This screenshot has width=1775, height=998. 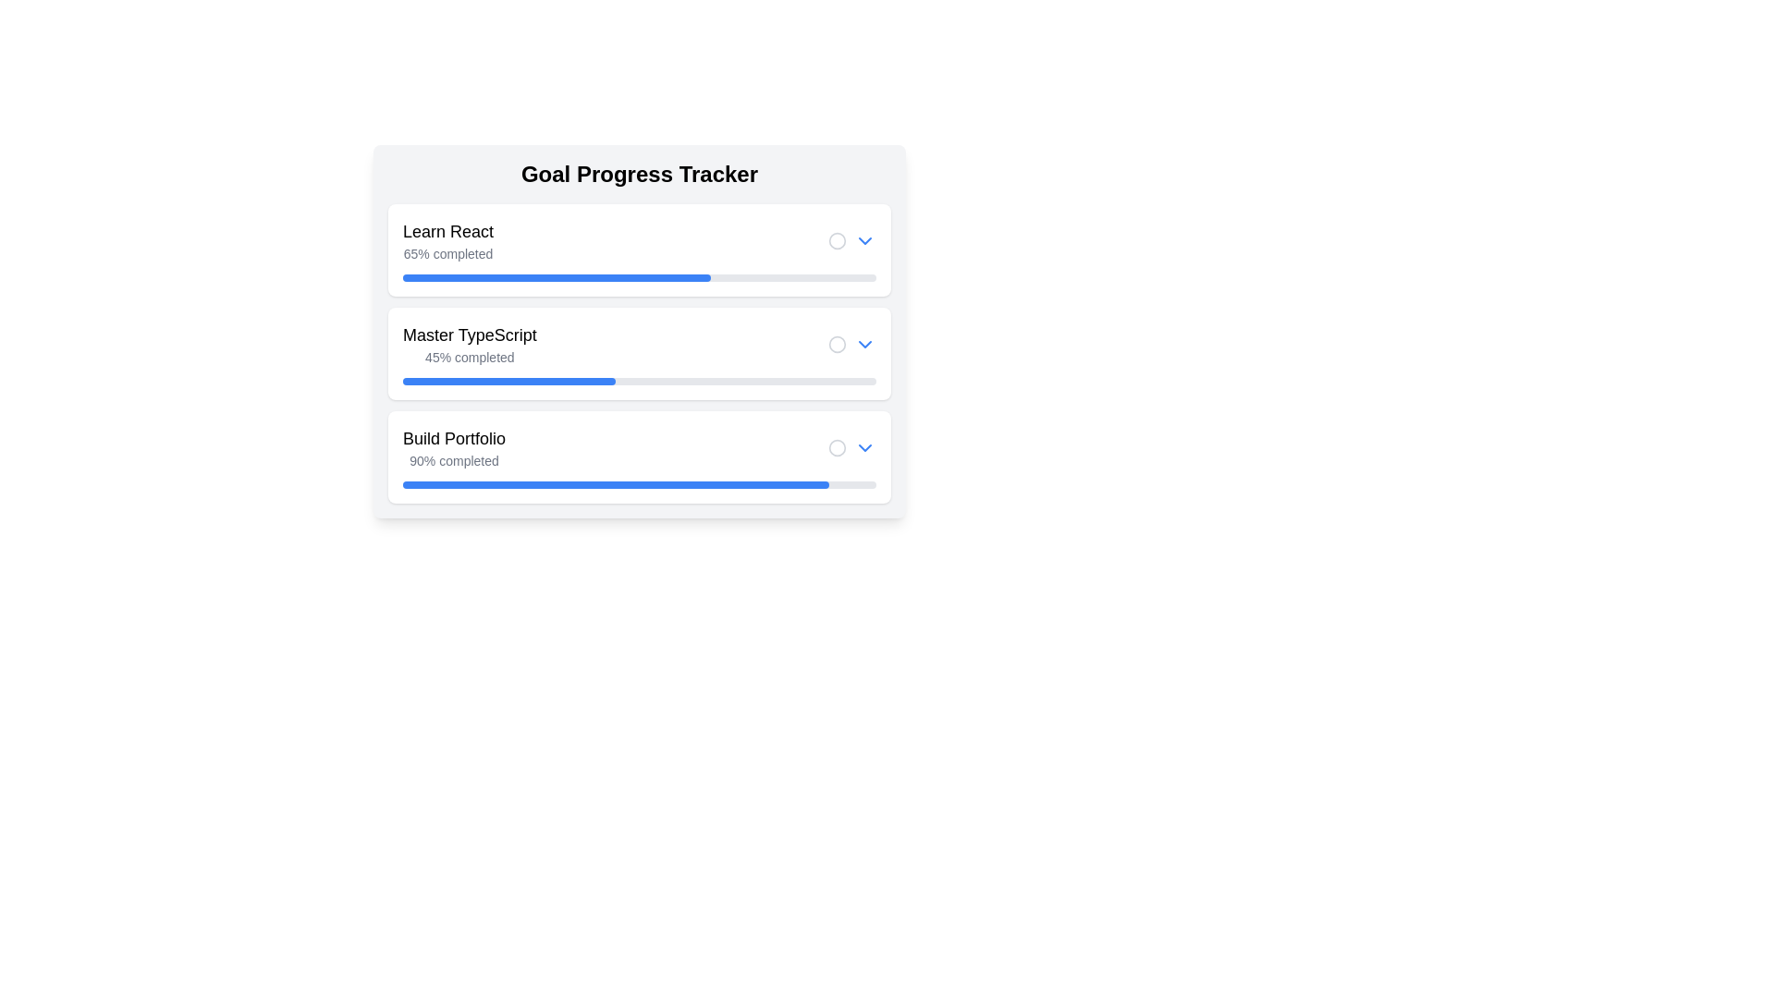 I want to click on the progress text label indicating that 90% of the task 'Build Portfolio' is completed, located below the 'Build Portfolio' text, so click(x=454, y=459).